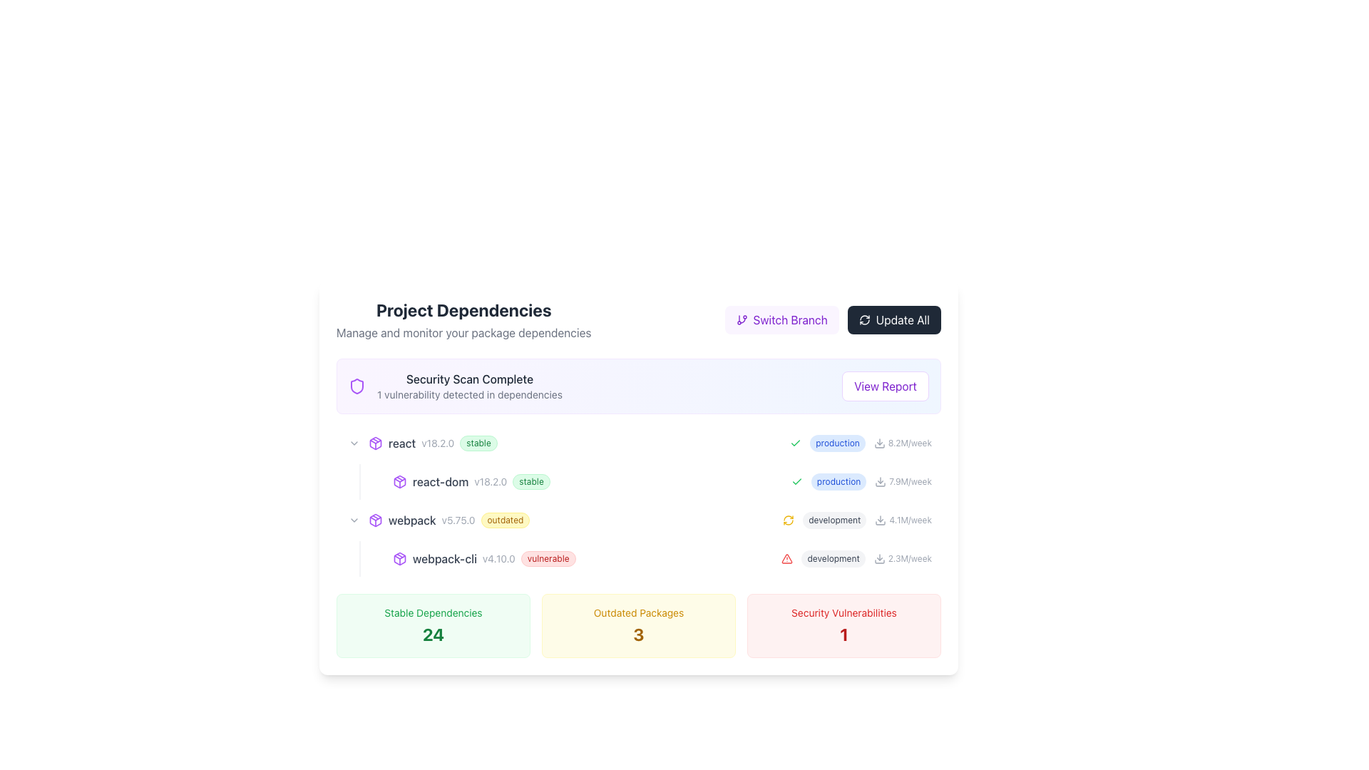  Describe the element at coordinates (834, 558) in the screenshot. I see `text content of the non-interactive label or badge displaying 'development' with a light gray background, located between a red triangle alert icon and gray text '2.3M/week'` at that location.